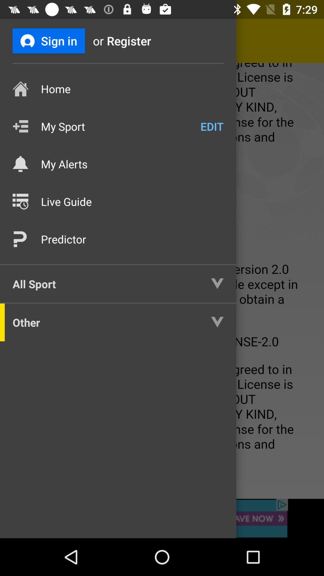 Image resolution: width=324 pixels, height=576 pixels. Describe the element at coordinates (211, 126) in the screenshot. I see `edit icon` at that location.